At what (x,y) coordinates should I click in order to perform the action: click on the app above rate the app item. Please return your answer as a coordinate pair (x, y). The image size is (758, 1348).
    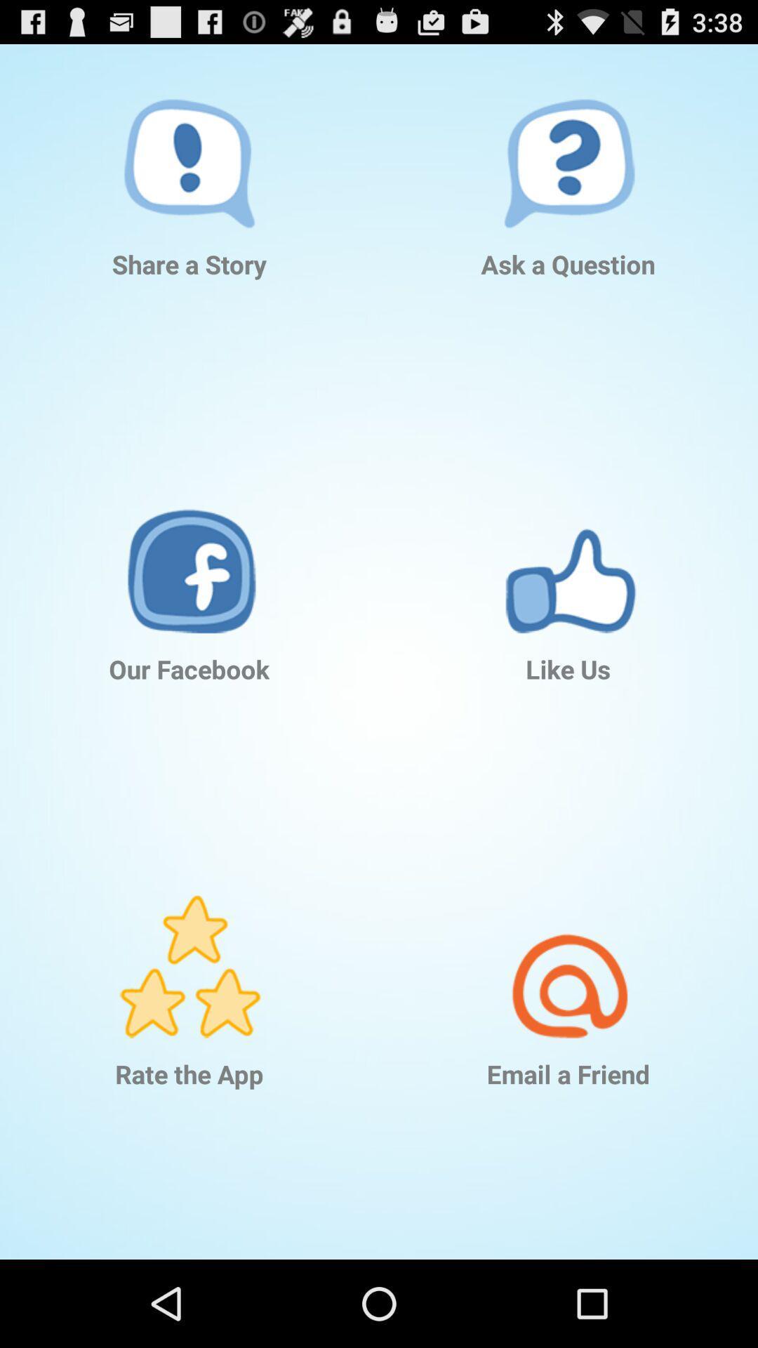
    Looking at the image, I should click on (189, 946).